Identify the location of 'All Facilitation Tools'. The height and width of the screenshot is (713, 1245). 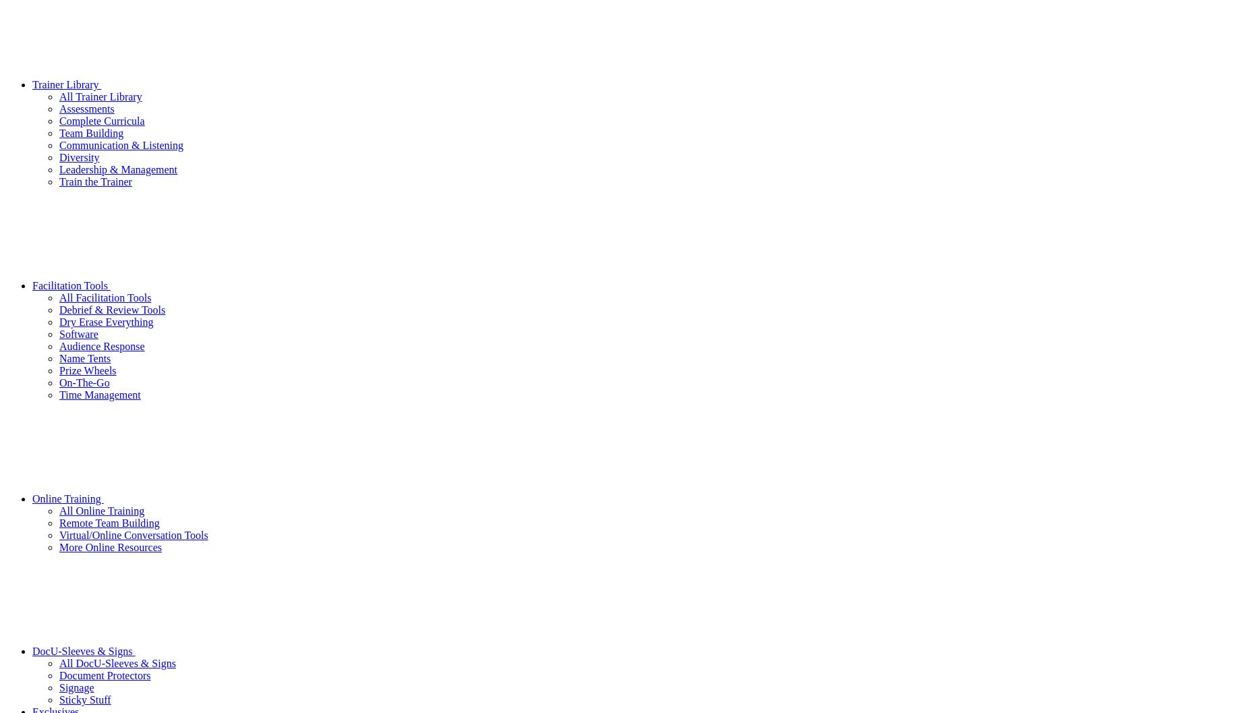
(59, 296).